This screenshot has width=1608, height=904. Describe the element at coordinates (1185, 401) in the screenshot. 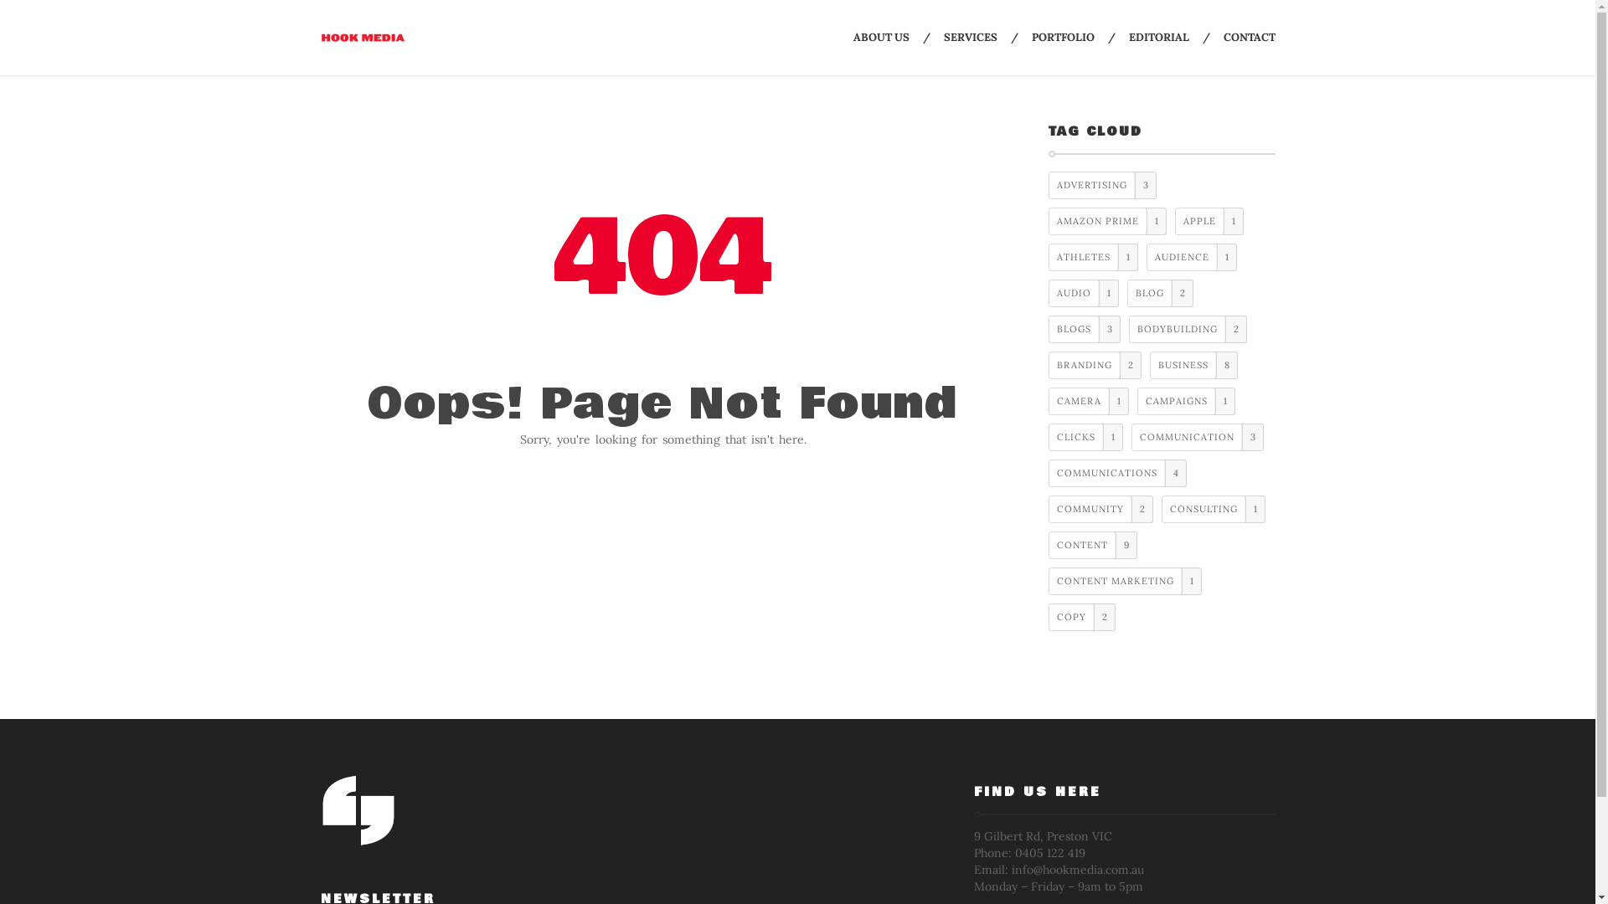

I see `'CAMPAIGNS1'` at that location.